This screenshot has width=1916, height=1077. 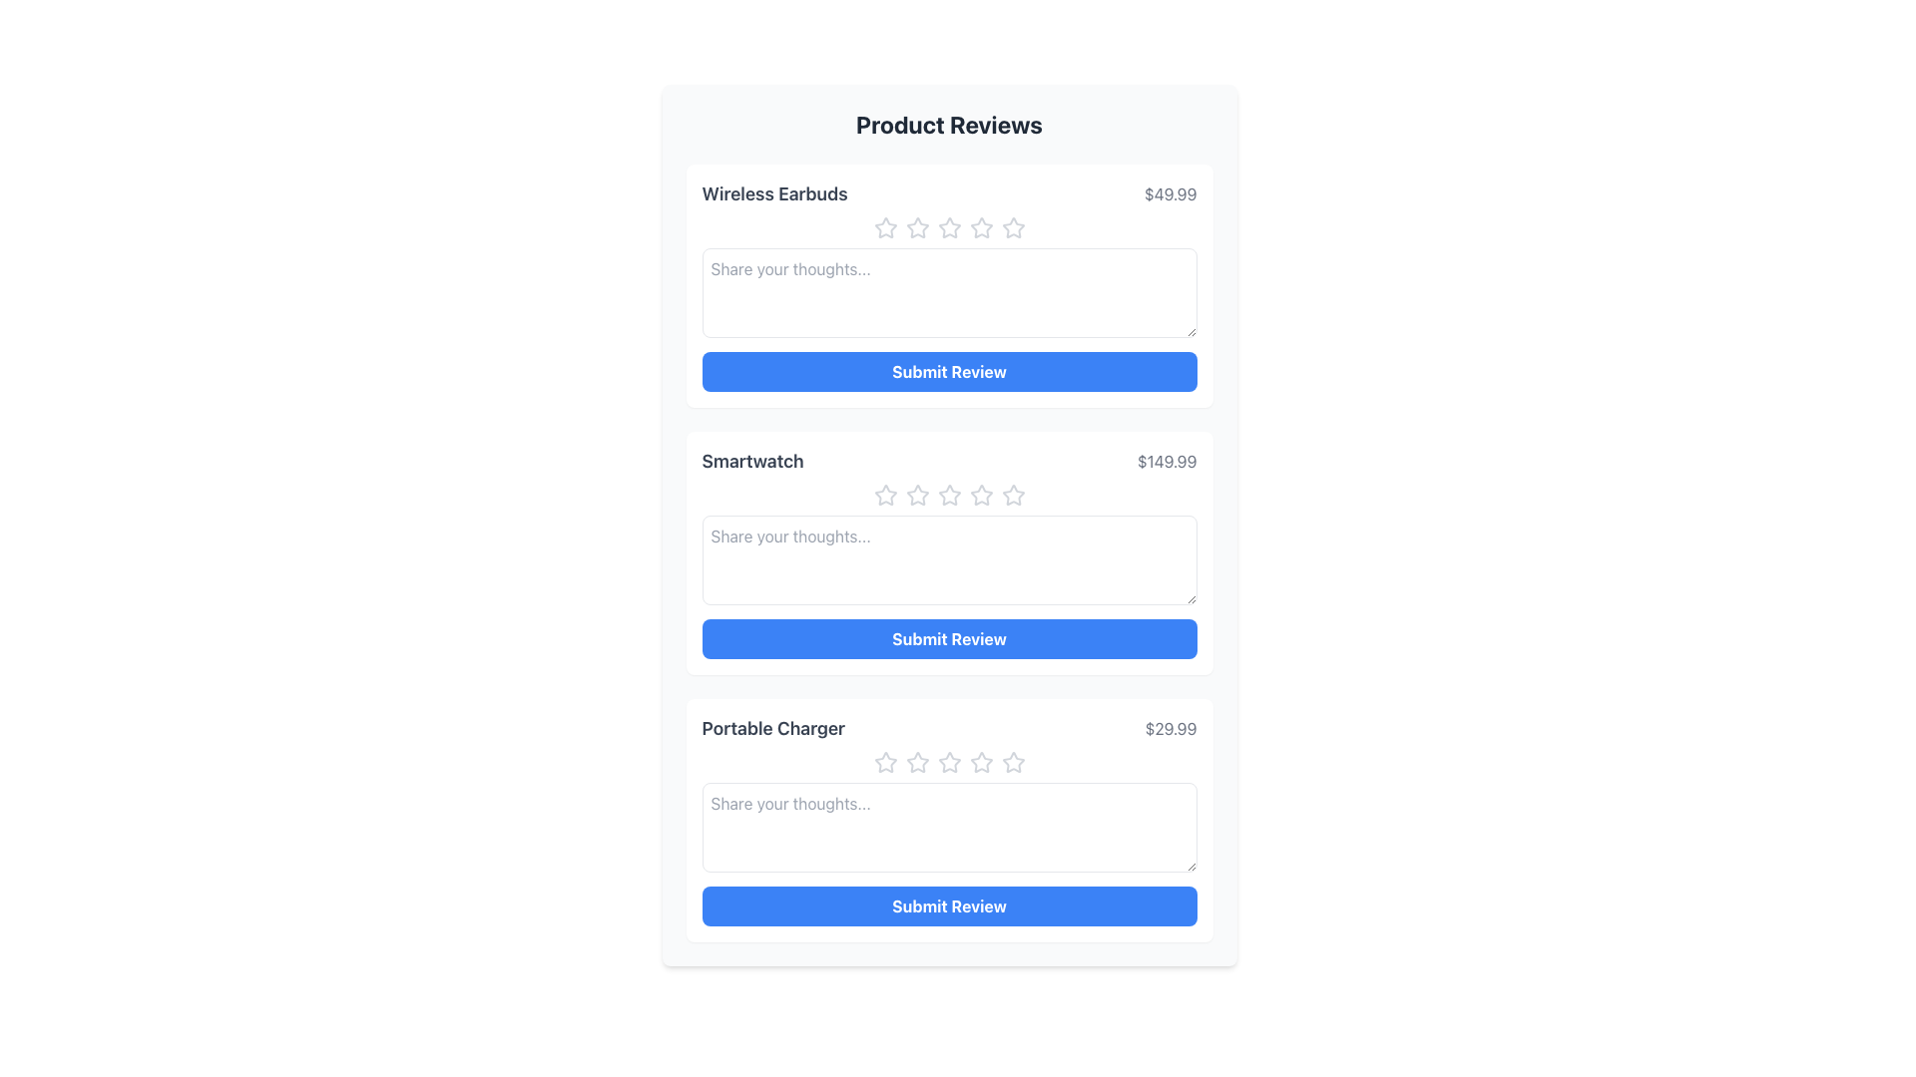 What do you see at coordinates (884, 762) in the screenshot?
I see `the first gray, outlined star icon in the rating section for the product 'Portable Charger'` at bounding box center [884, 762].